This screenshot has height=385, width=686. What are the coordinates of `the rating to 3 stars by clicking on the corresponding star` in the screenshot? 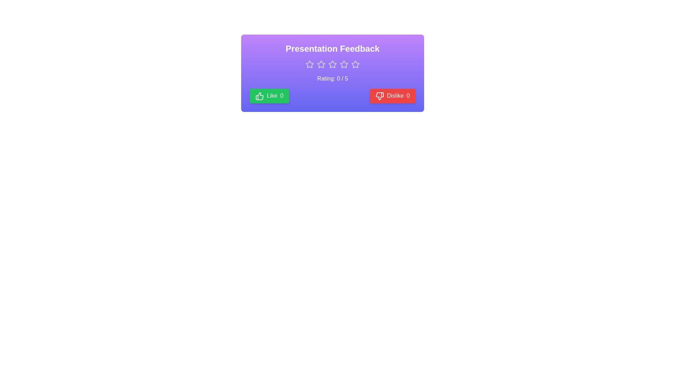 It's located at (332, 65).